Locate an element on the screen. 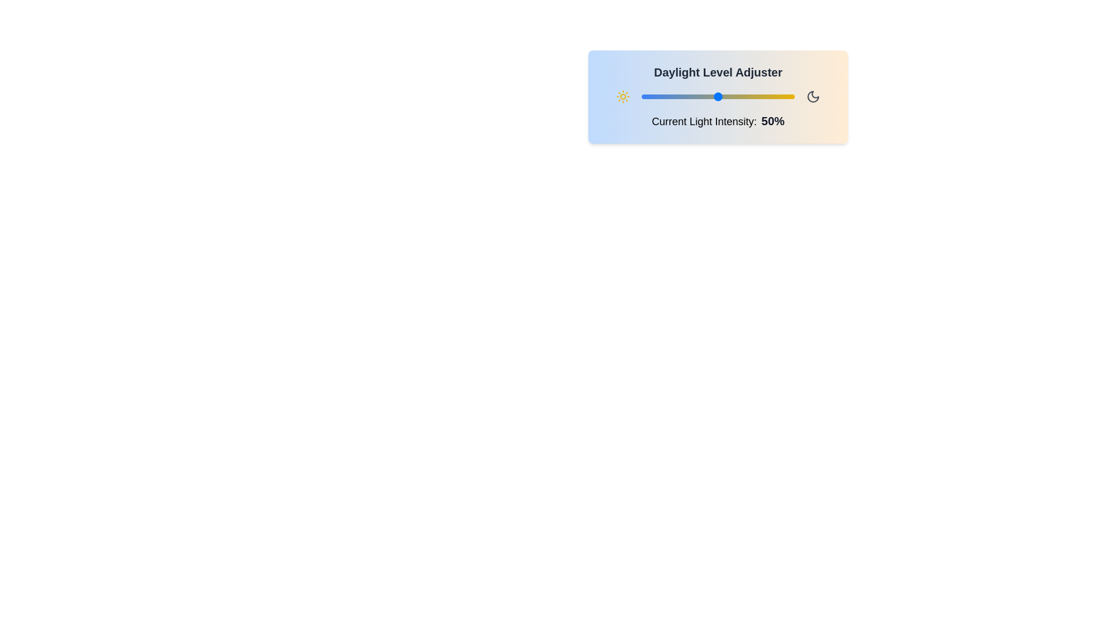 The height and width of the screenshot is (626, 1113). the daylight slider to 52% is located at coordinates (721, 96).